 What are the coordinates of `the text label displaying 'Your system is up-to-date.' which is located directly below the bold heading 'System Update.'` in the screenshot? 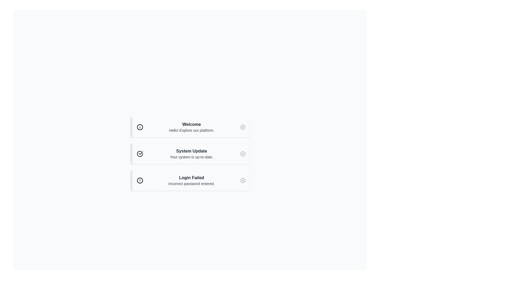 It's located at (191, 157).